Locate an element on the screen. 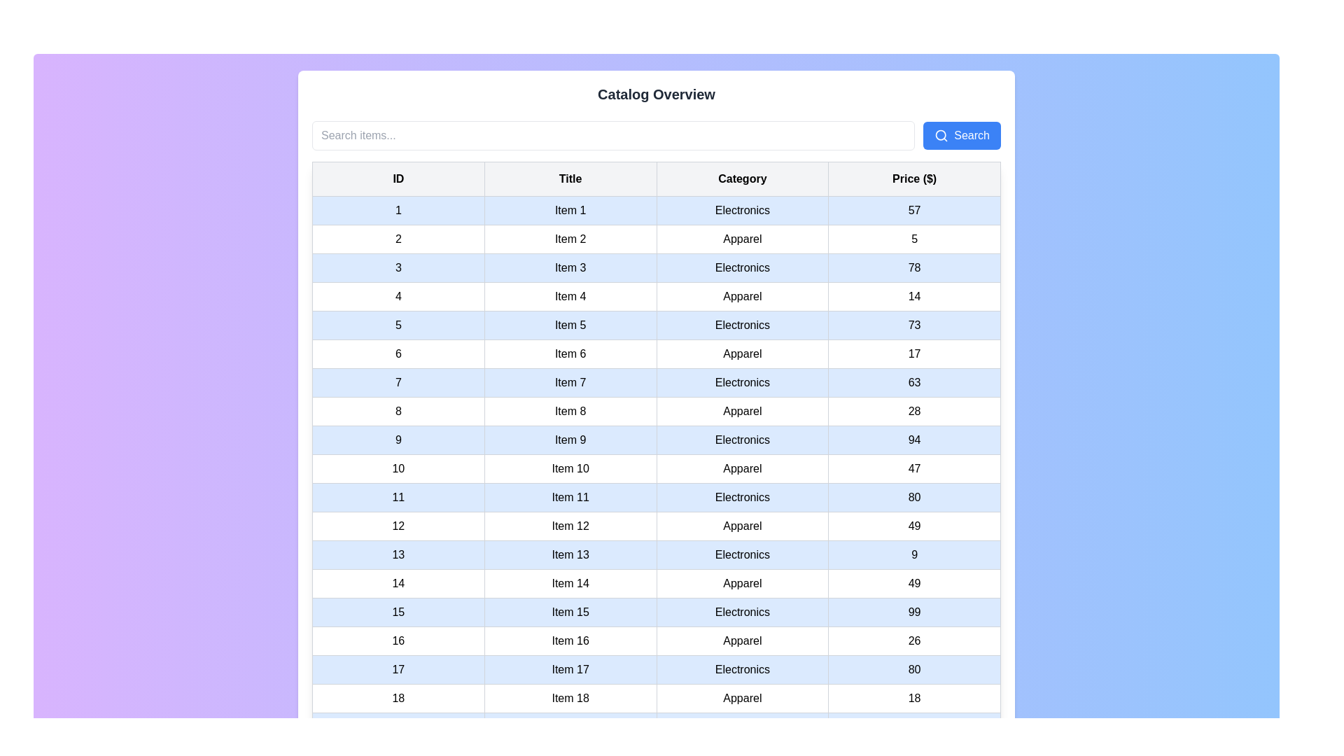 The image size is (1344, 756). the read-only text table cell displaying 'Apparel' for 'Item 12' in the 'Category' column is located at coordinates (741, 526).